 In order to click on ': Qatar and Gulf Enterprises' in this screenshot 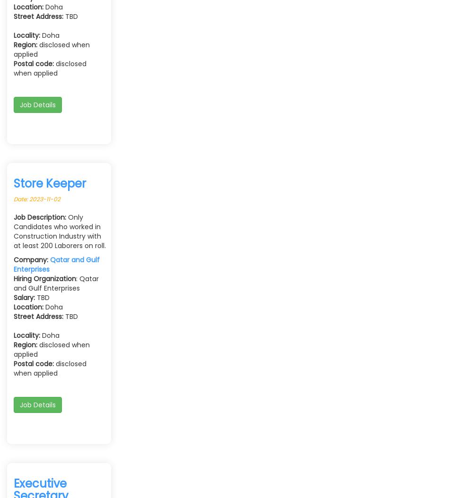, I will do `click(55, 282)`.